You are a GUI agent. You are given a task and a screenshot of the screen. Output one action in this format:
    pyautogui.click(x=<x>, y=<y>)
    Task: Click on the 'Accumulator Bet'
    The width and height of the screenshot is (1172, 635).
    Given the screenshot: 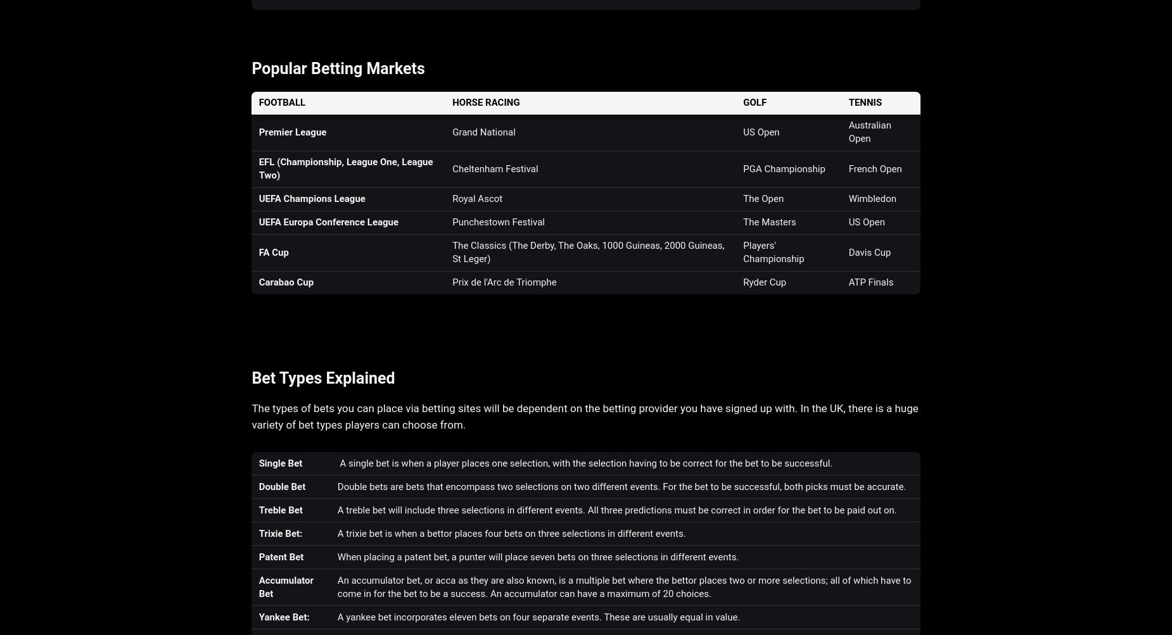 What is the action you would take?
    pyautogui.click(x=285, y=586)
    